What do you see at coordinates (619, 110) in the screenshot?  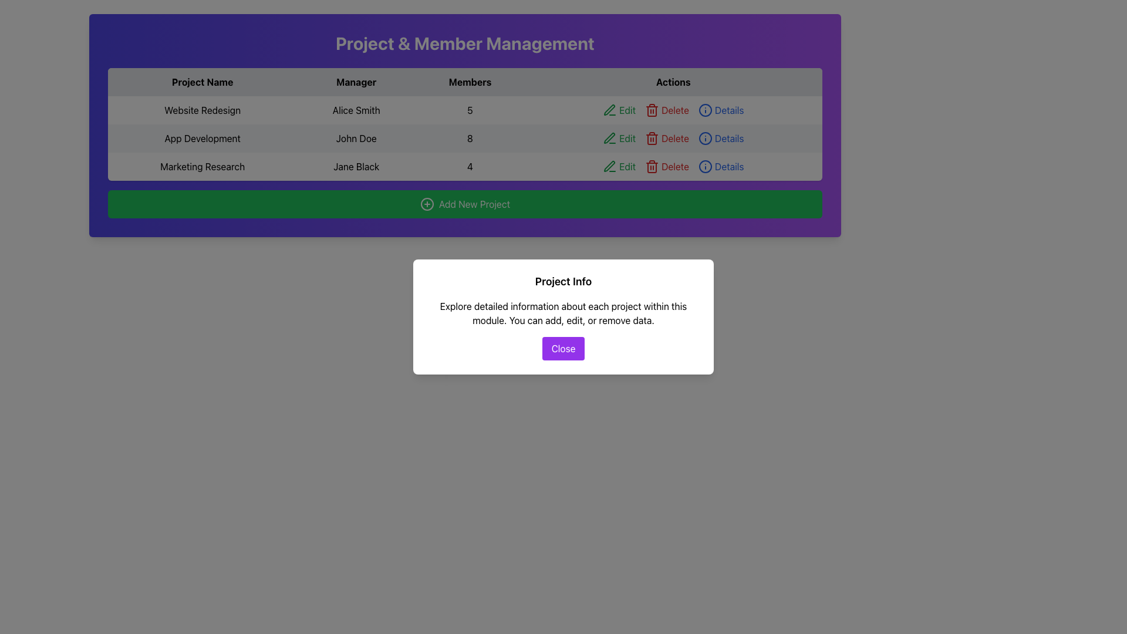 I see `the 'Edit' button located in the 'Actions' column of the first row of the projects table` at bounding box center [619, 110].